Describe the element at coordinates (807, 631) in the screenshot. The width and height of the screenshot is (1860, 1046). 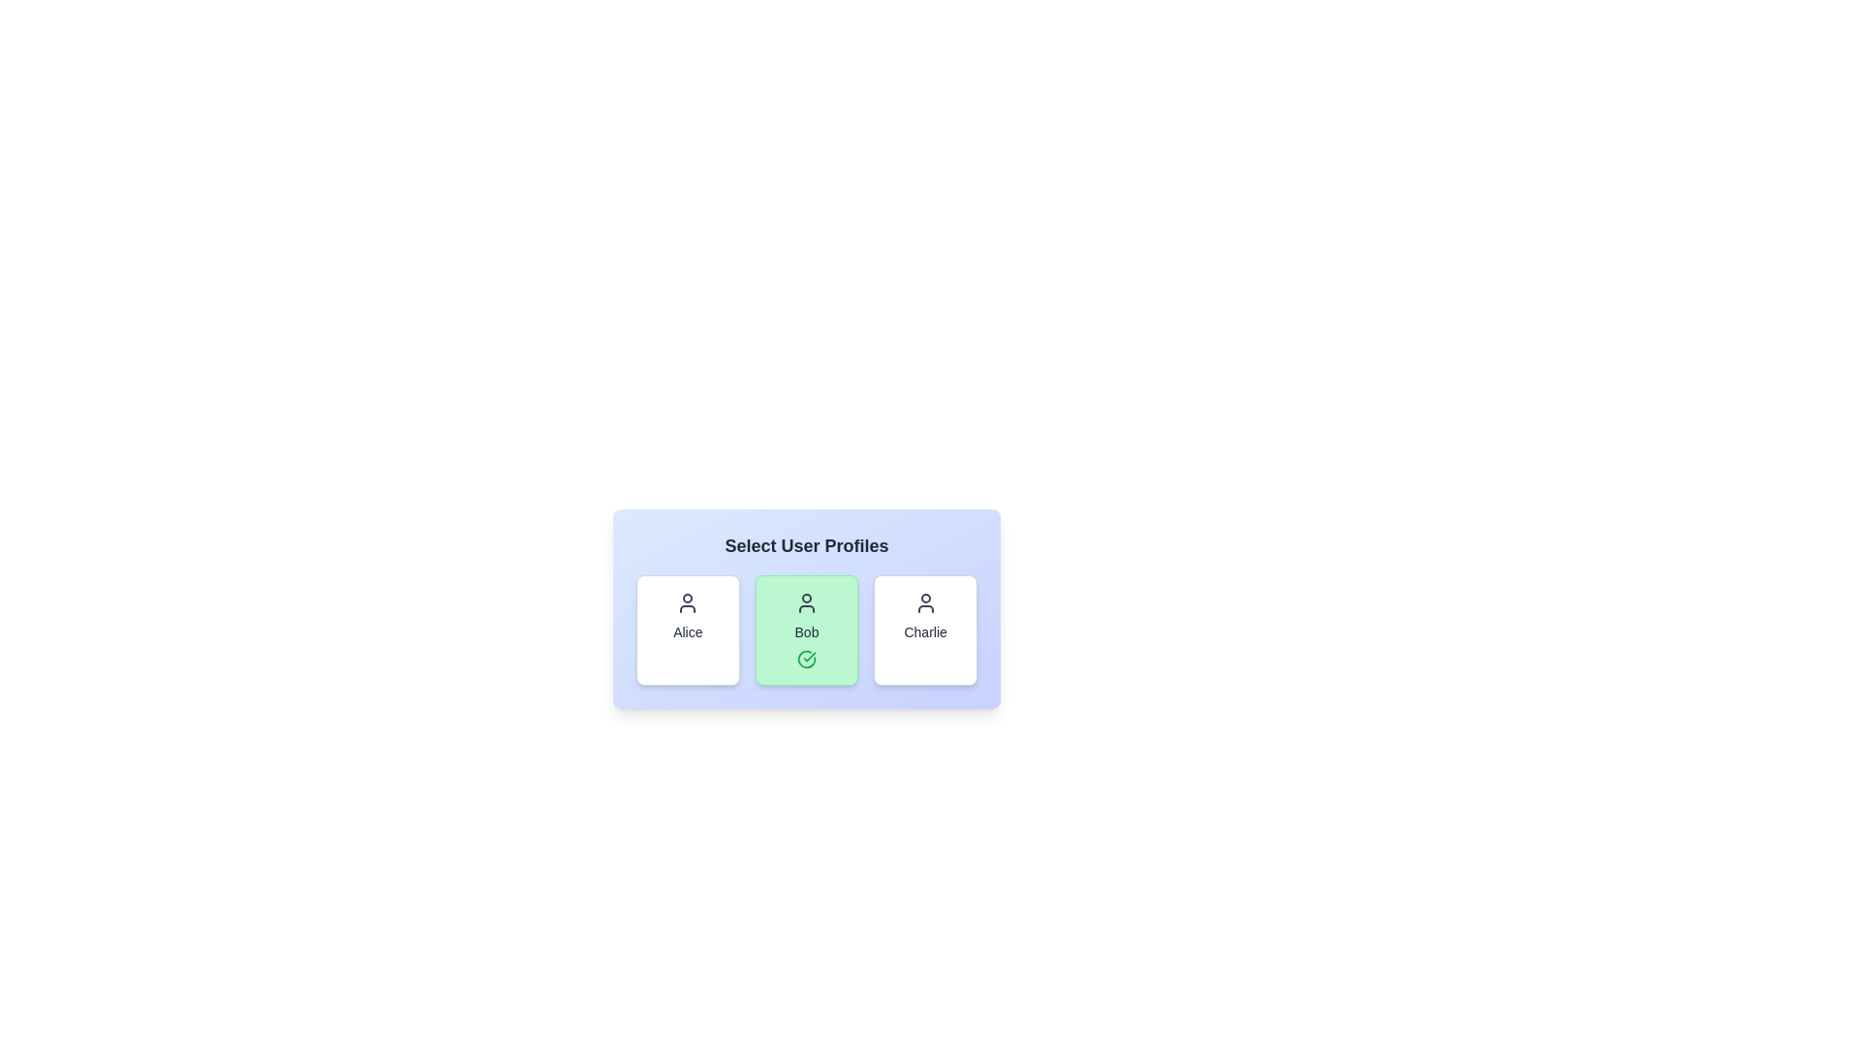
I see `the user profile card for Bob` at that location.